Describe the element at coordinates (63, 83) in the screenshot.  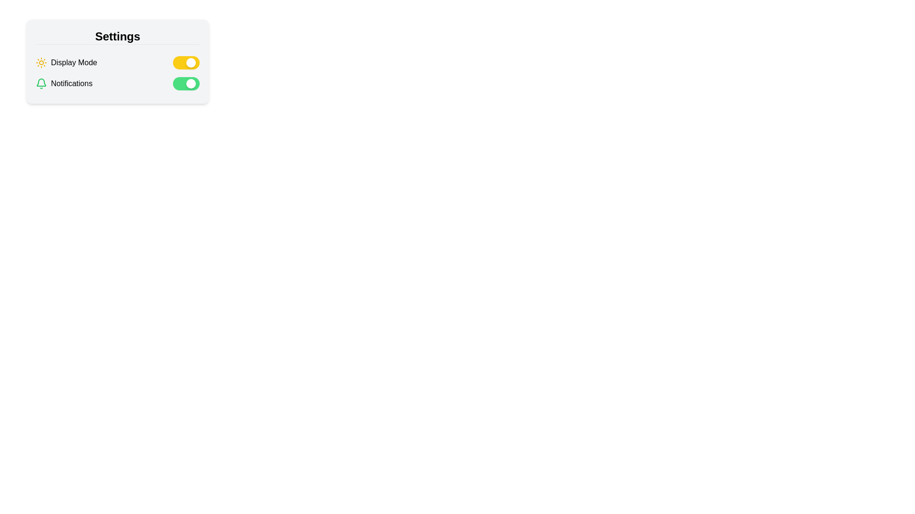
I see `the 'Notifications' label with a bell icon located in the Settings panel beneath the Display Mode toggle option` at that location.